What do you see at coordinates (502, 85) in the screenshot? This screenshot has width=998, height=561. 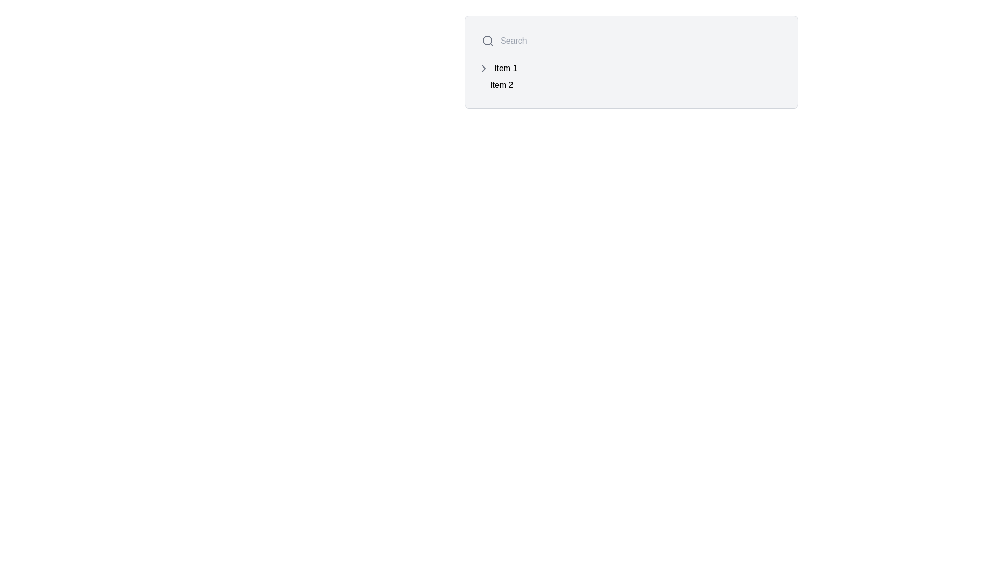 I see `text label displaying 'Item 2', which is located below 'Item 1' in a vertical list and indented under it` at bounding box center [502, 85].